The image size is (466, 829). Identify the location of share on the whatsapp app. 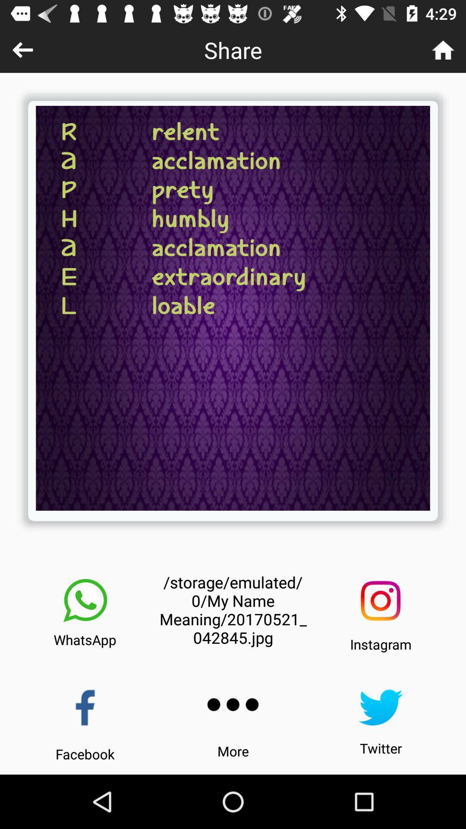
(85, 600).